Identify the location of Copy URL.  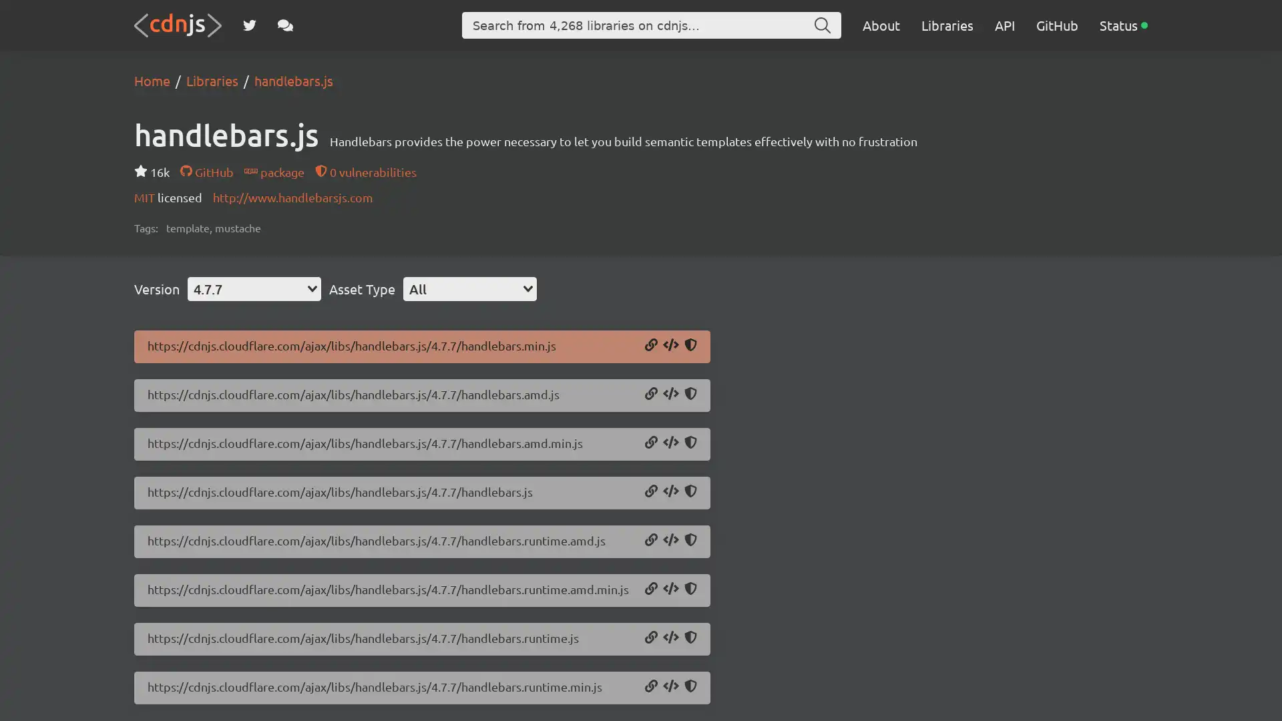
(651, 638).